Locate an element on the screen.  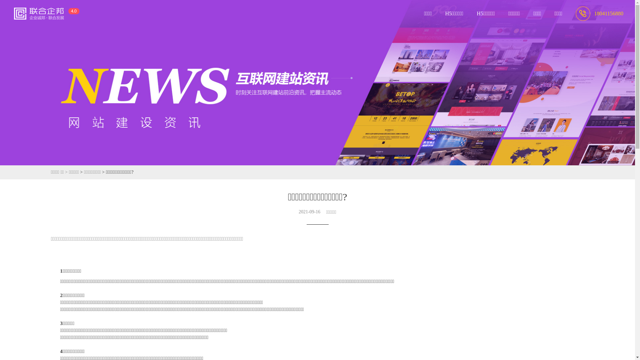
'18041156880' is located at coordinates (575, 13).